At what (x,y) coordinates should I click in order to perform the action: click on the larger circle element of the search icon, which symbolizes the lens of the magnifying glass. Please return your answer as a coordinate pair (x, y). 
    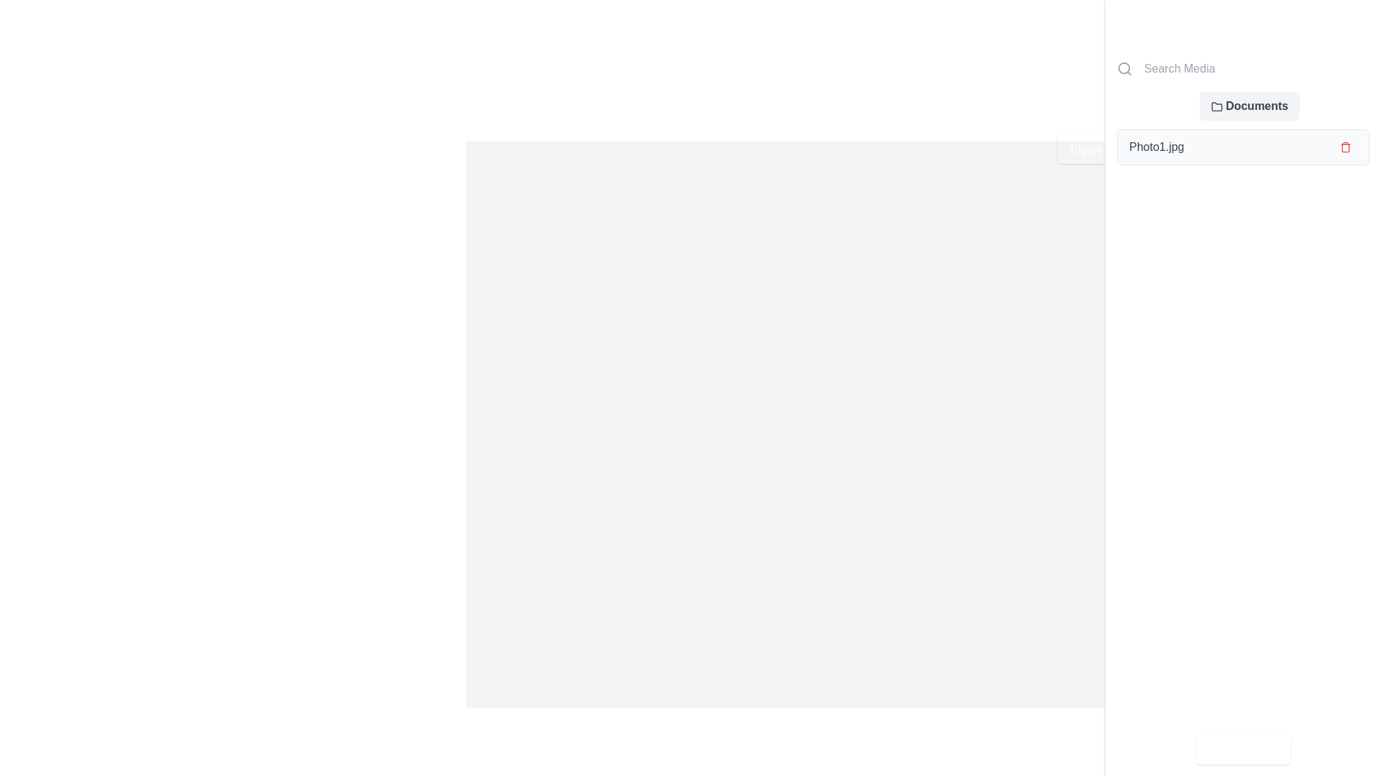
    Looking at the image, I should click on (1124, 68).